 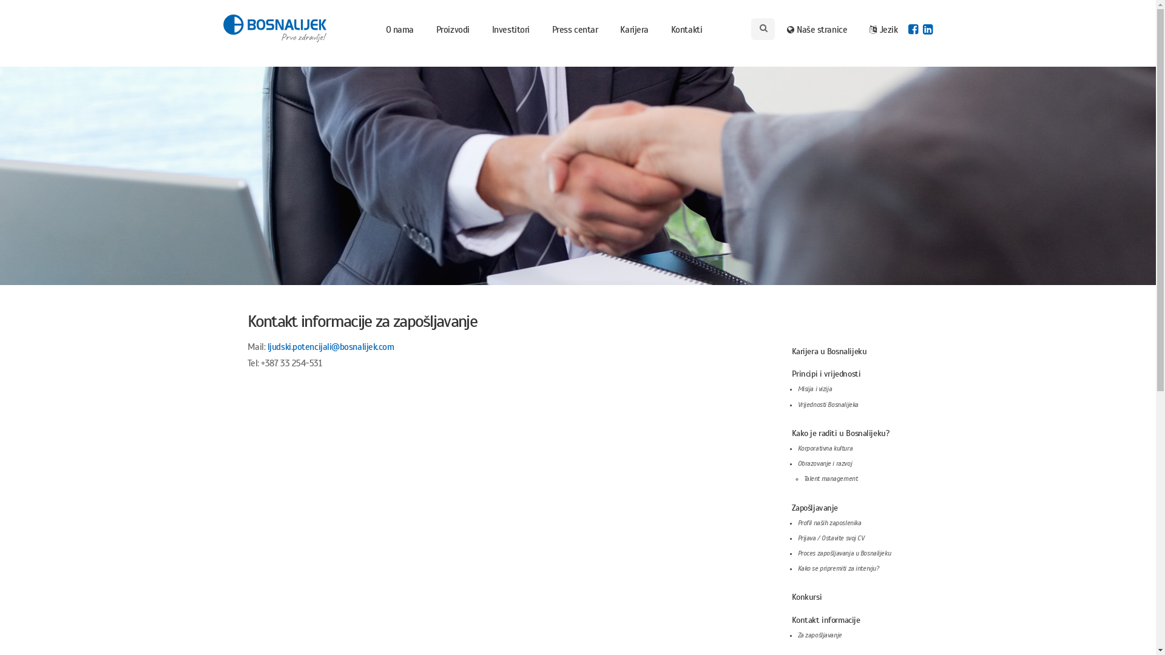 I want to click on 'Obrazovanje i razvoj', so click(x=797, y=463).